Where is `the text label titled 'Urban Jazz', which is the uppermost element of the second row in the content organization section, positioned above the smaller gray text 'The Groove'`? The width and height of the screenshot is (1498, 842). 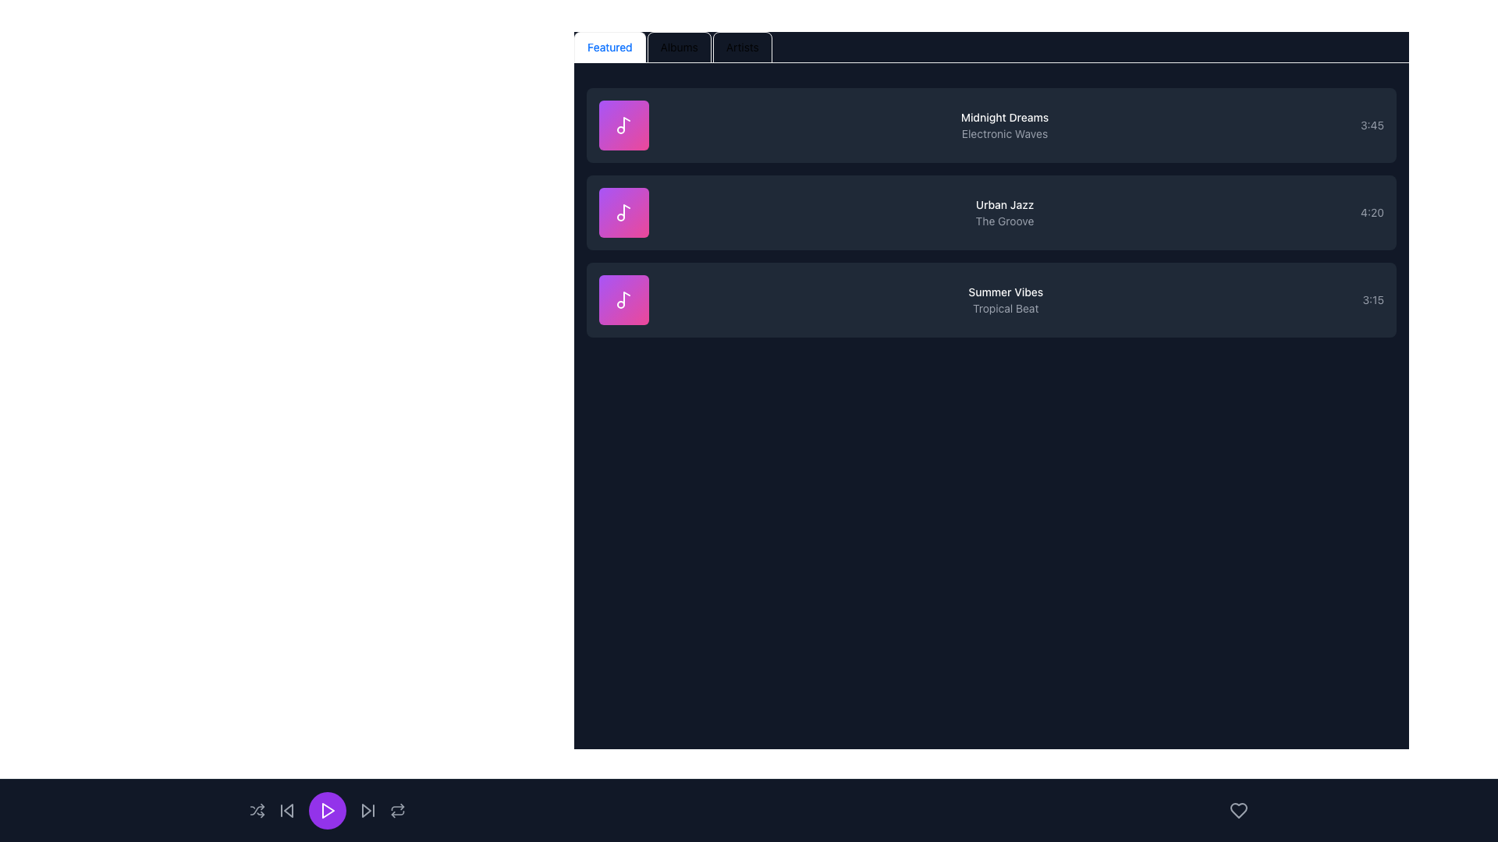 the text label titled 'Urban Jazz', which is the uppermost element of the second row in the content organization section, positioned above the smaller gray text 'The Groove' is located at coordinates (1005, 203).